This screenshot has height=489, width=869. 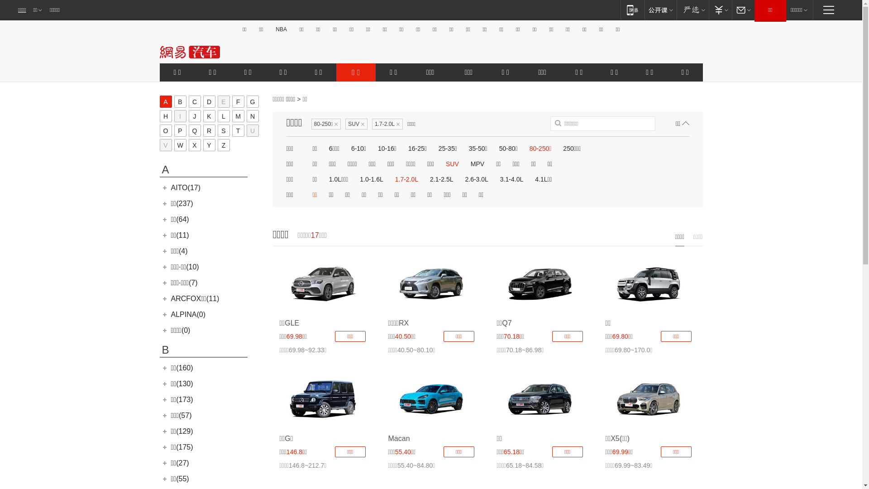 I want to click on '2.6-3.0L', so click(x=463, y=179).